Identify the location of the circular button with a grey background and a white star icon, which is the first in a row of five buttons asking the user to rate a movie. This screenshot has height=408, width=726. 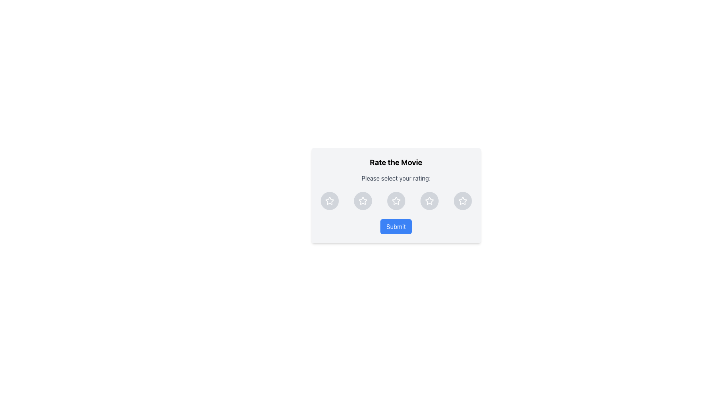
(329, 201).